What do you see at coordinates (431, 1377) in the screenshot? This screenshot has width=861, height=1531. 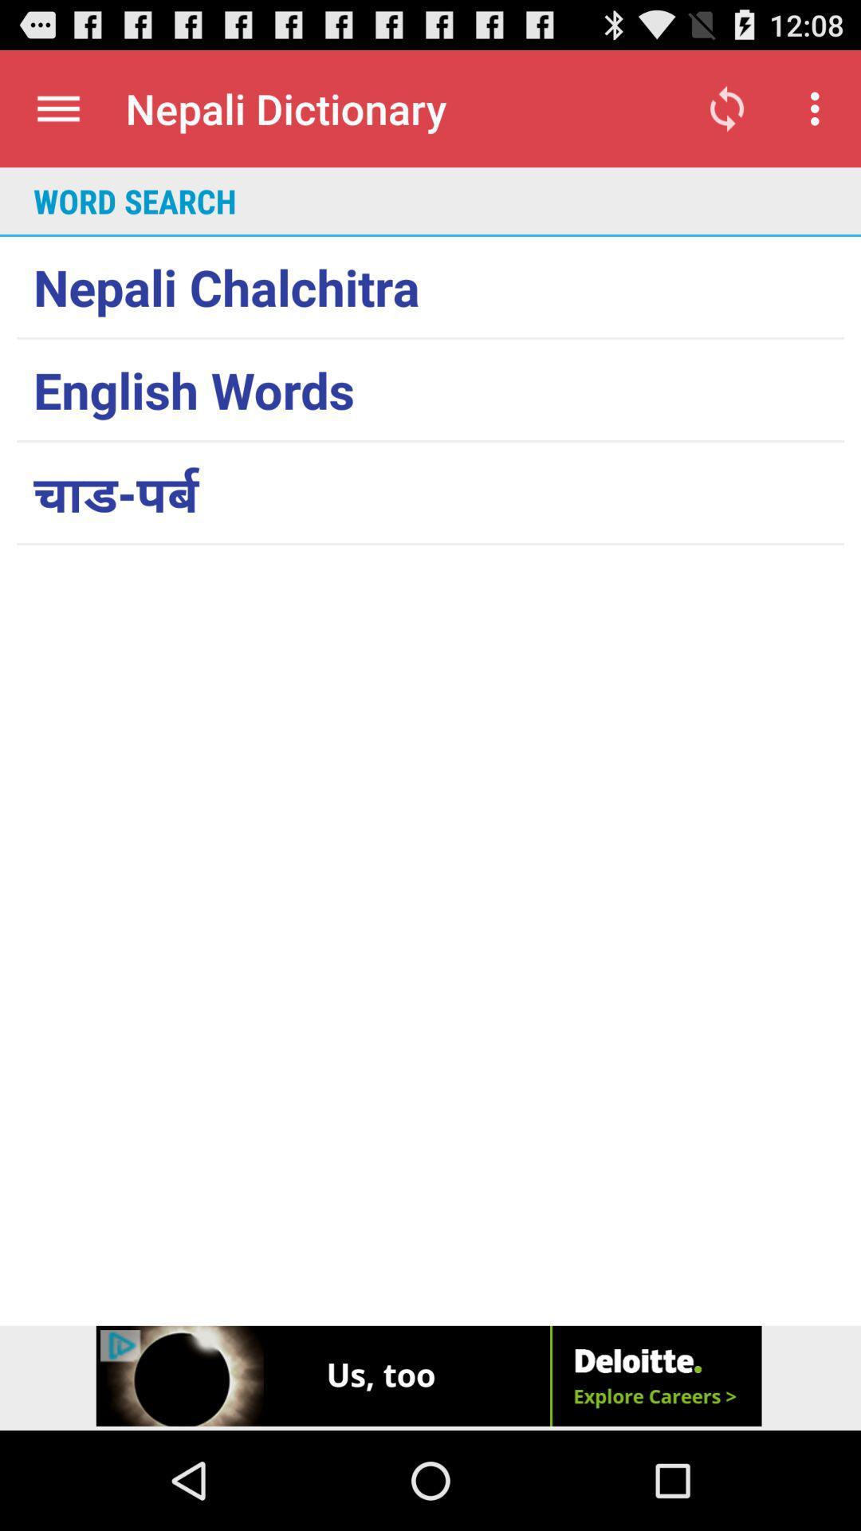 I see `advertisement` at bounding box center [431, 1377].